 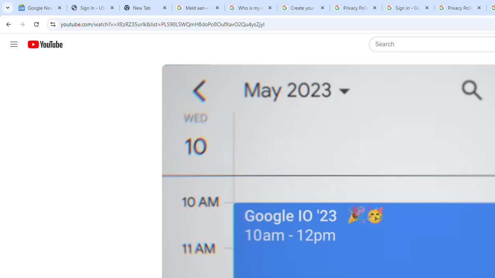 What do you see at coordinates (408, 8) in the screenshot?
I see `'Sign in - Google Accounts'` at bounding box center [408, 8].